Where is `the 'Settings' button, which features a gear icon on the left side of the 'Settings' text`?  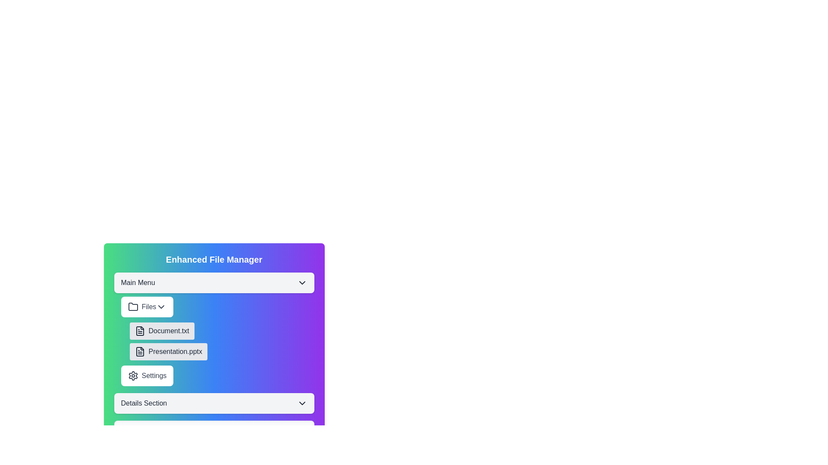
the 'Settings' button, which features a gear icon on the left side of the 'Settings' text is located at coordinates (132, 375).